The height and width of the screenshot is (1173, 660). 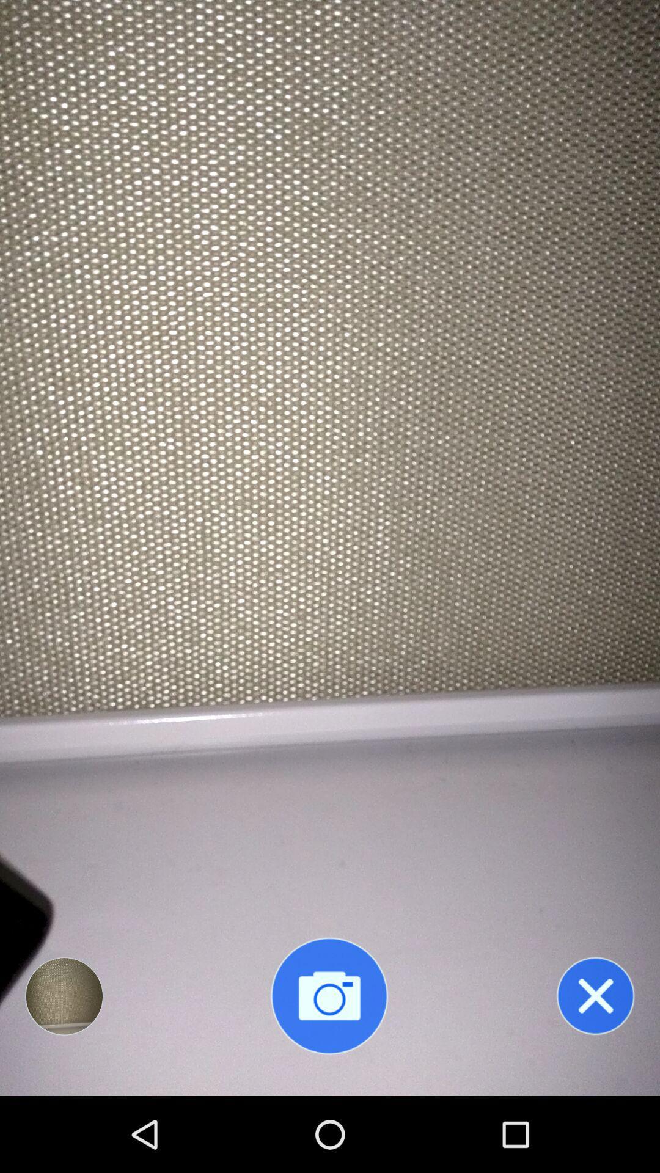 What do you see at coordinates (329, 996) in the screenshot?
I see `the camera option` at bounding box center [329, 996].